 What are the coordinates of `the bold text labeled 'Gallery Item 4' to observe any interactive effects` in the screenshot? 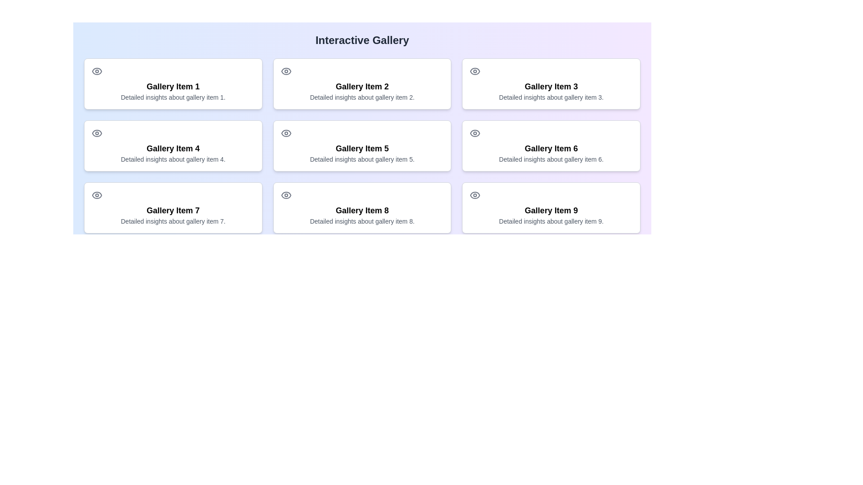 It's located at (173, 148).